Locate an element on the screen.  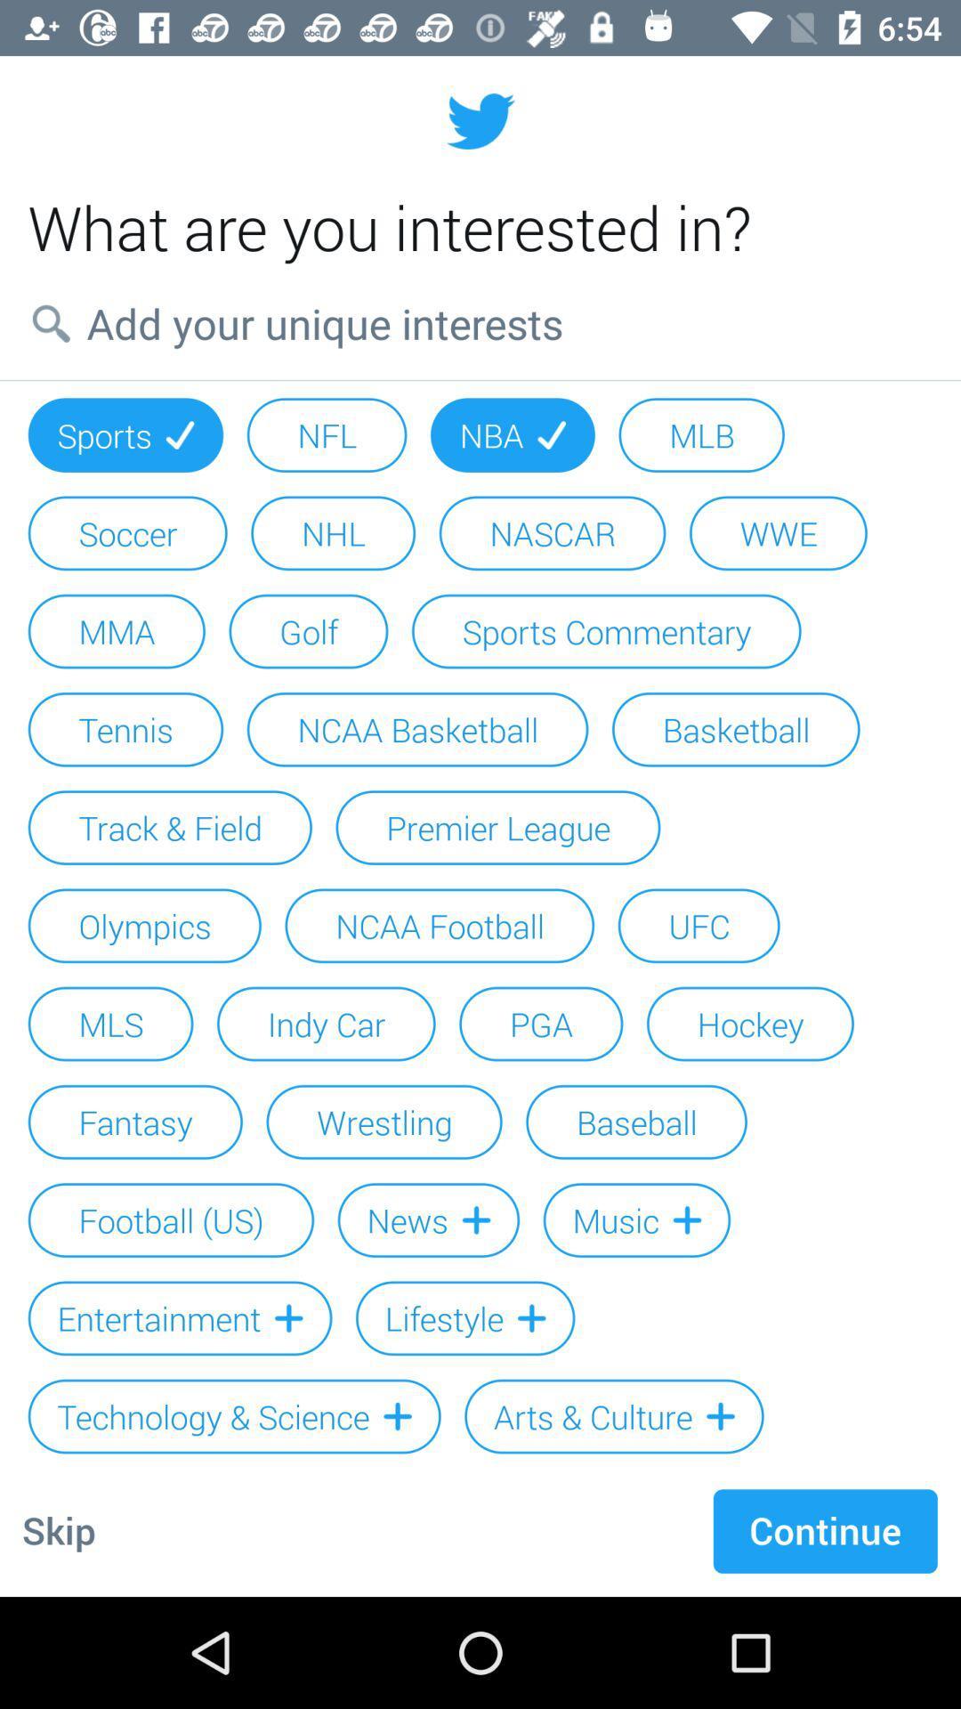
the item next to the nhl item is located at coordinates (126, 532).